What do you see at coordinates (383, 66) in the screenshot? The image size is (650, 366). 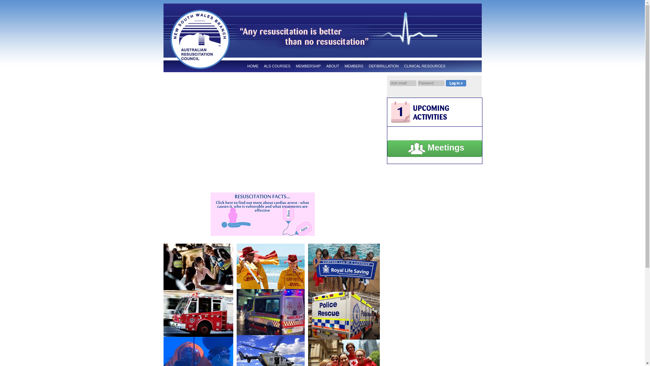 I see `'DEFIBRILLATION'` at bounding box center [383, 66].